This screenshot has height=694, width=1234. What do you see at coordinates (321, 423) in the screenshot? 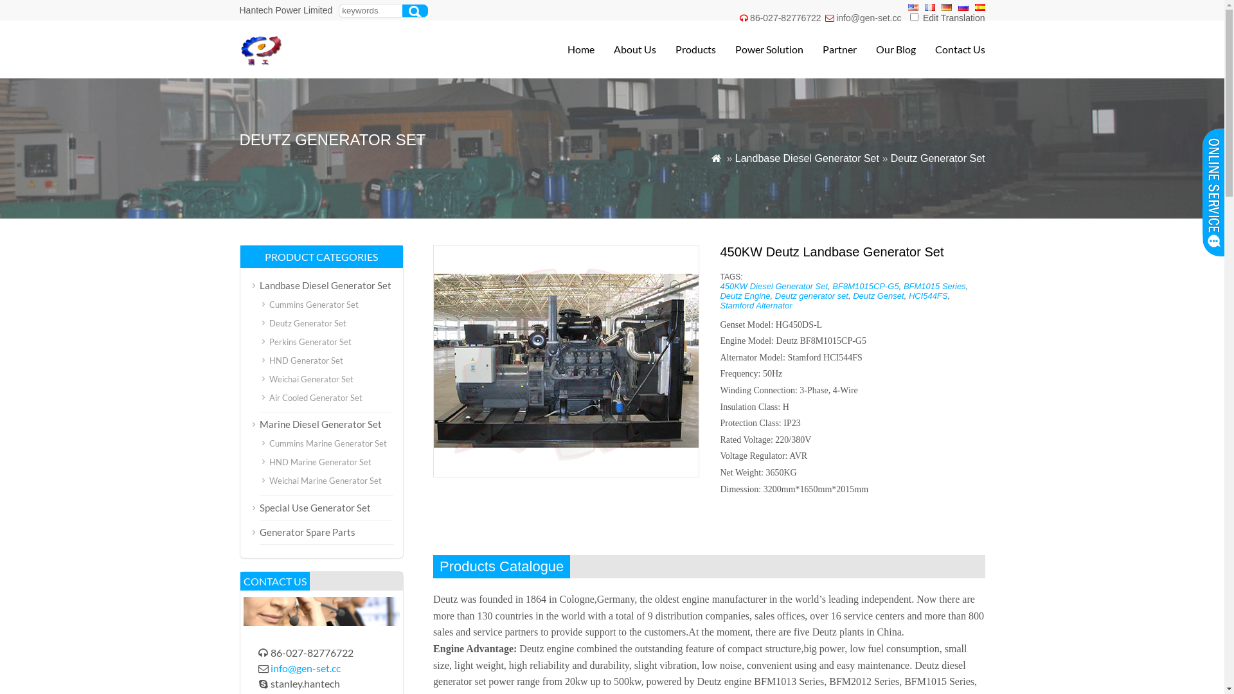
I see `'Marine Diesel Generator Set'` at bounding box center [321, 423].